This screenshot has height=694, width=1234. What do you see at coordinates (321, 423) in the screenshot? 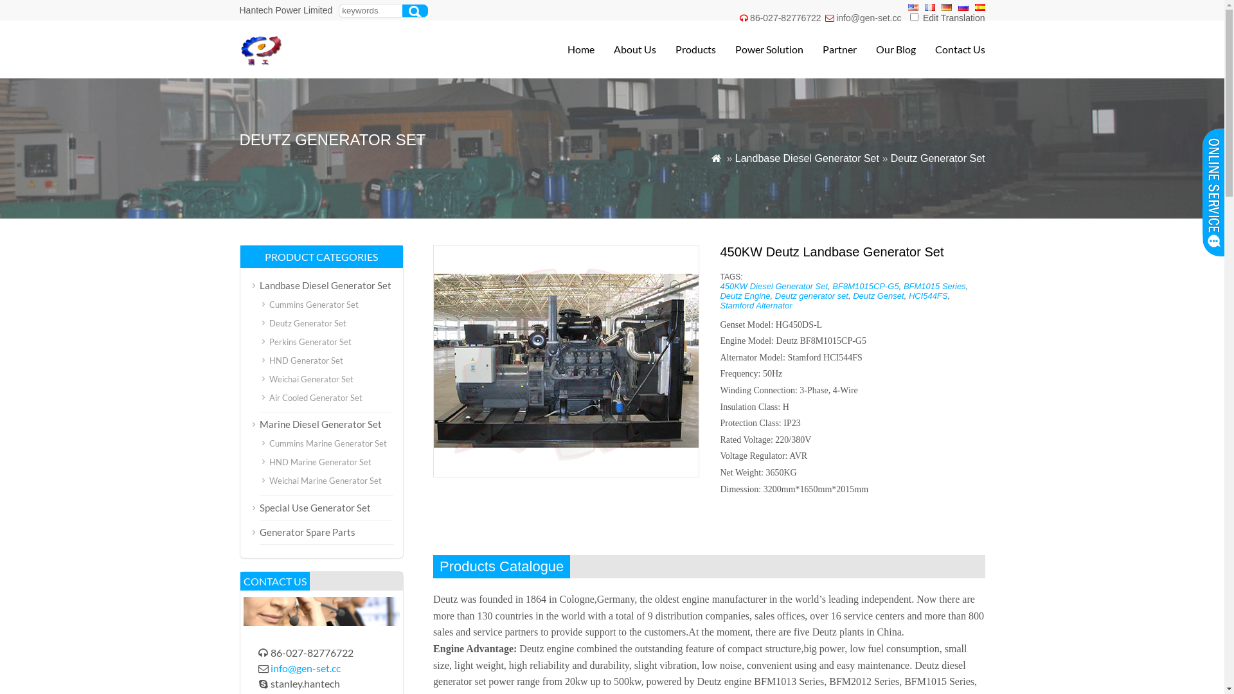
I see `'Marine Diesel Generator Set'` at bounding box center [321, 423].